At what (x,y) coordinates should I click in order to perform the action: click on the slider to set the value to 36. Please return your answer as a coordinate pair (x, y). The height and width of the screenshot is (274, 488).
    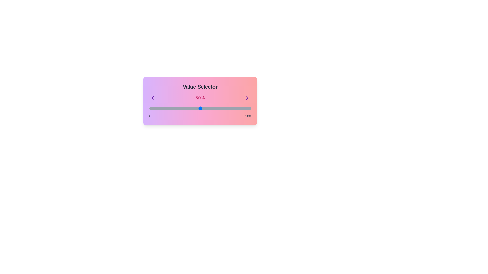
    Looking at the image, I should click on (186, 108).